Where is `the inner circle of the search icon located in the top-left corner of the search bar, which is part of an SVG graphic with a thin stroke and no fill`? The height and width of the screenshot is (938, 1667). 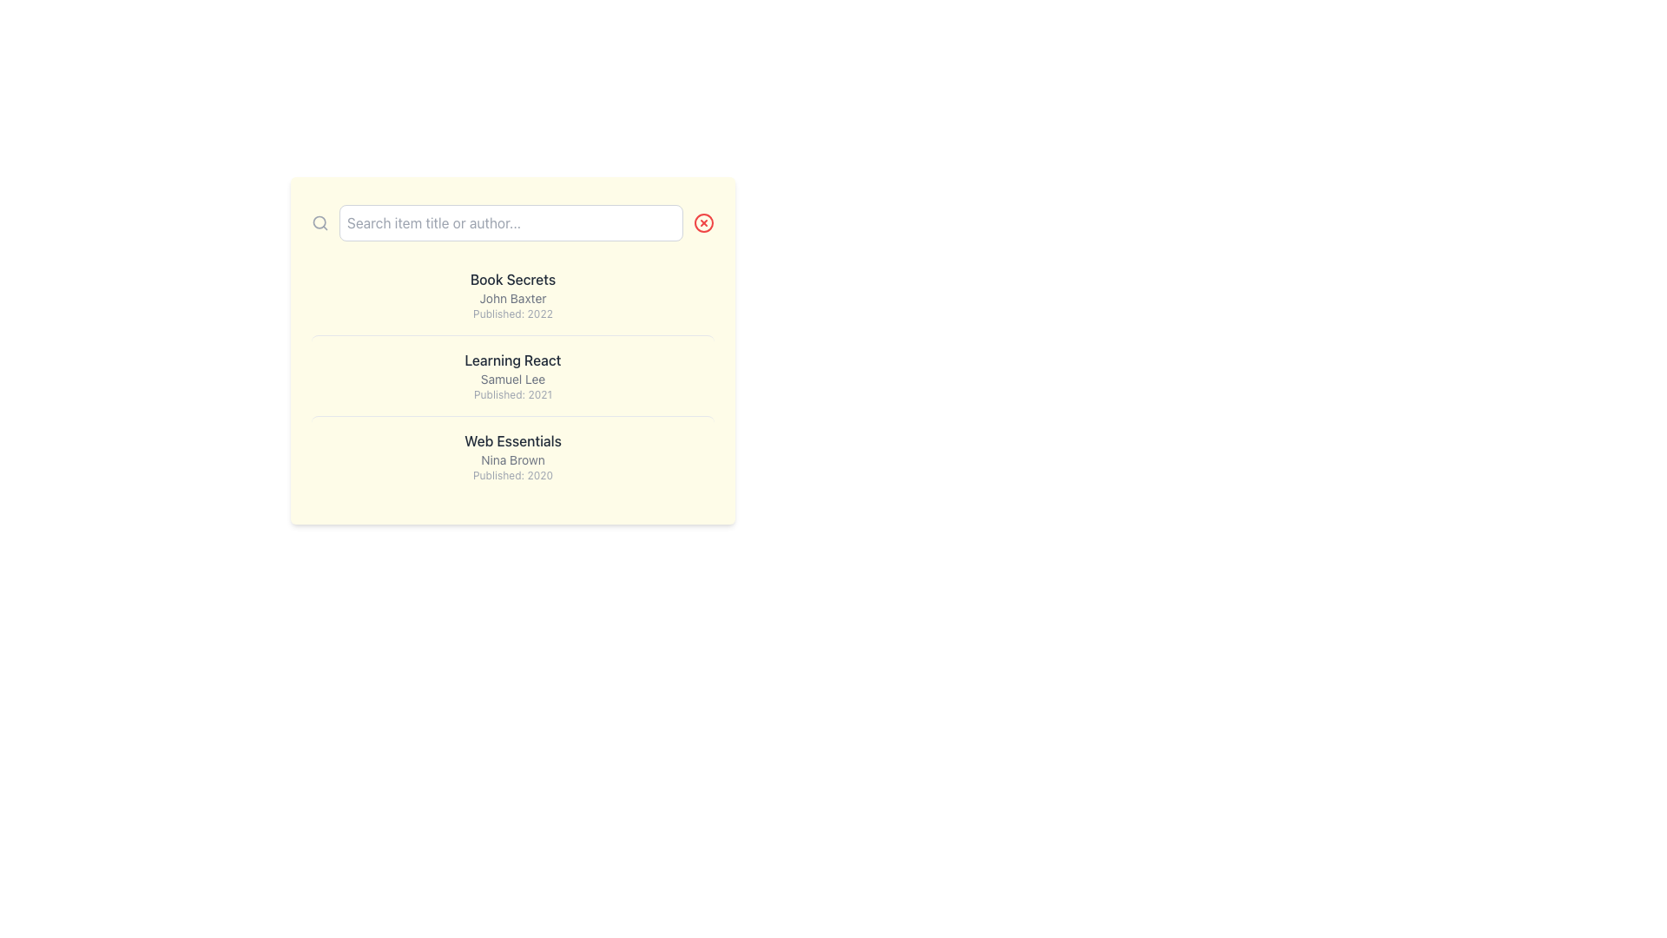
the inner circle of the search icon located in the top-left corner of the search bar, which is part of an SVG graphic with a thin stroke and no fill is located at coordinates (320, 221).